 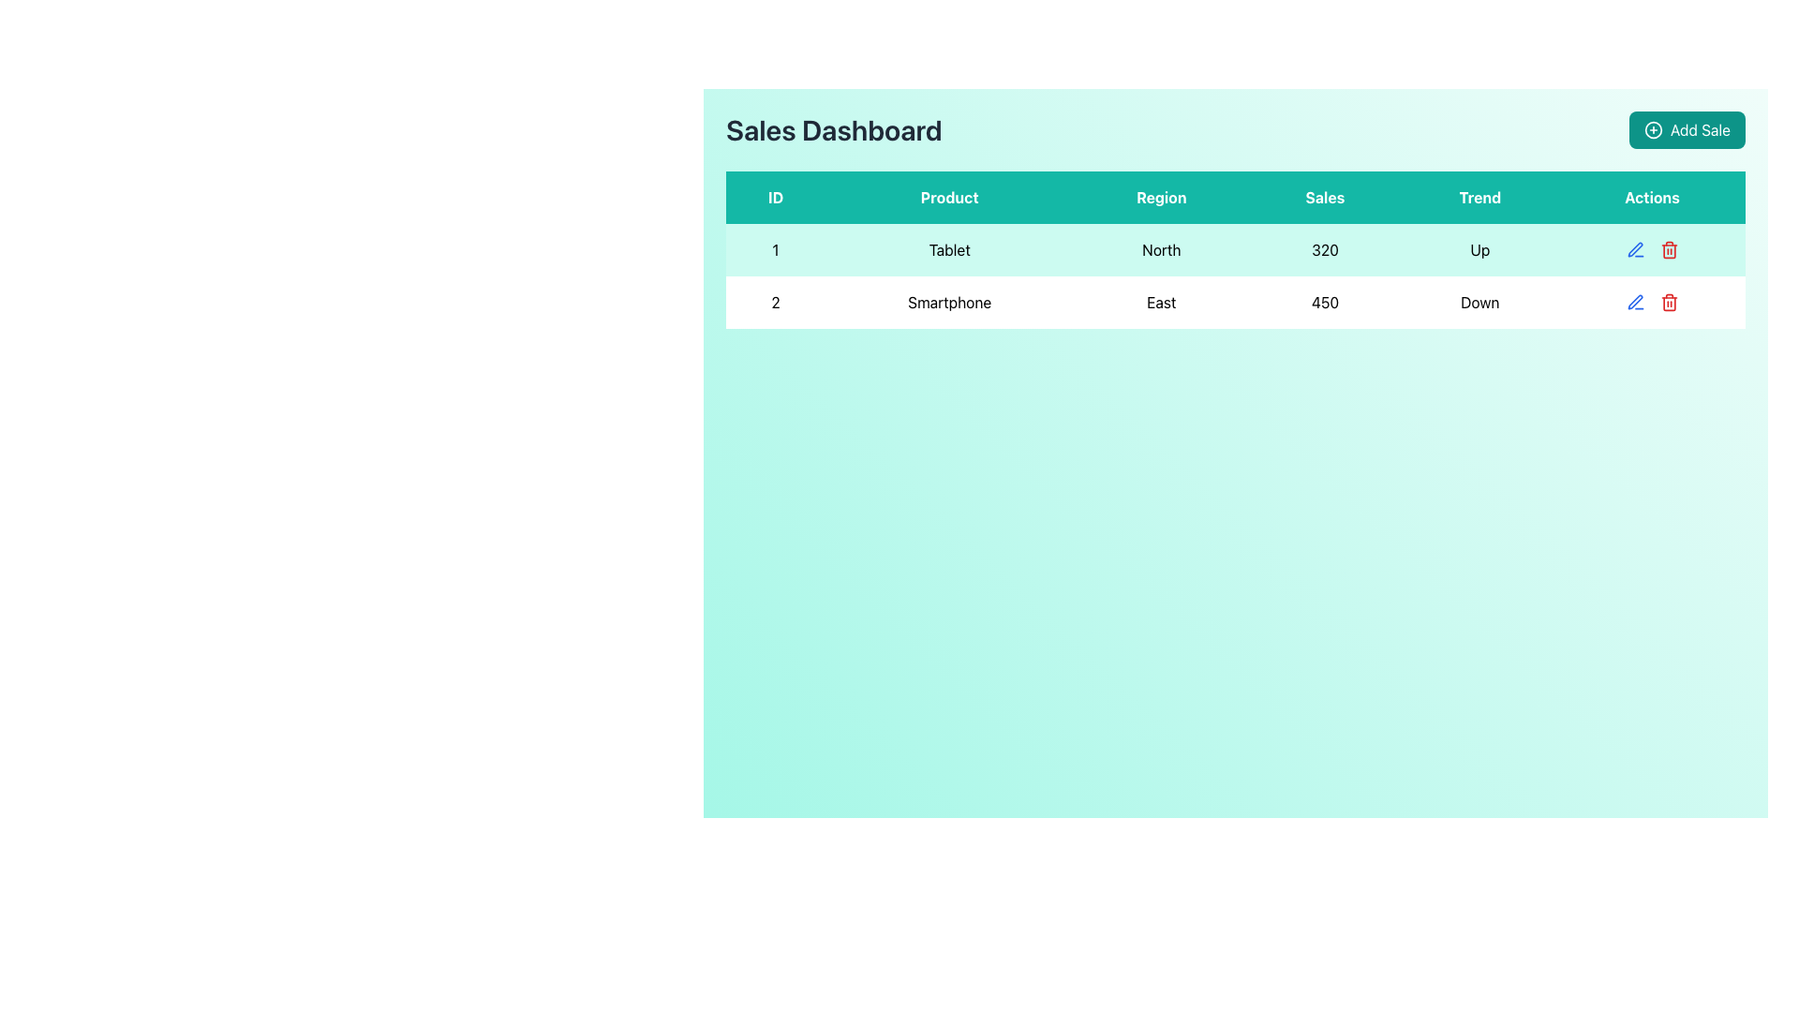 What do you see at coordinates (1634, 248) in the screenshot?
I see `the editing Icon Button located in the 'Actions' column of the second row of the table, positioned left of the red trash icon` at bounding box center [1634, 248].